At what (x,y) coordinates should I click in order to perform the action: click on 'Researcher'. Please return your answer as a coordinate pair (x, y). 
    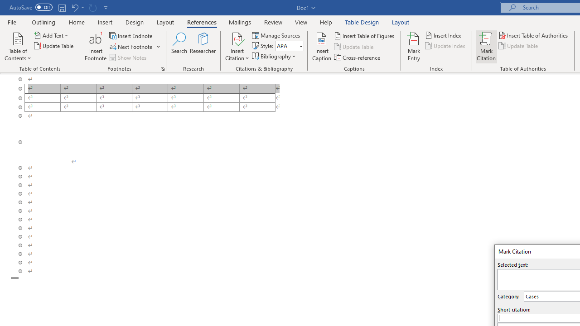
    Looking at the image, I should click on (203, 47).